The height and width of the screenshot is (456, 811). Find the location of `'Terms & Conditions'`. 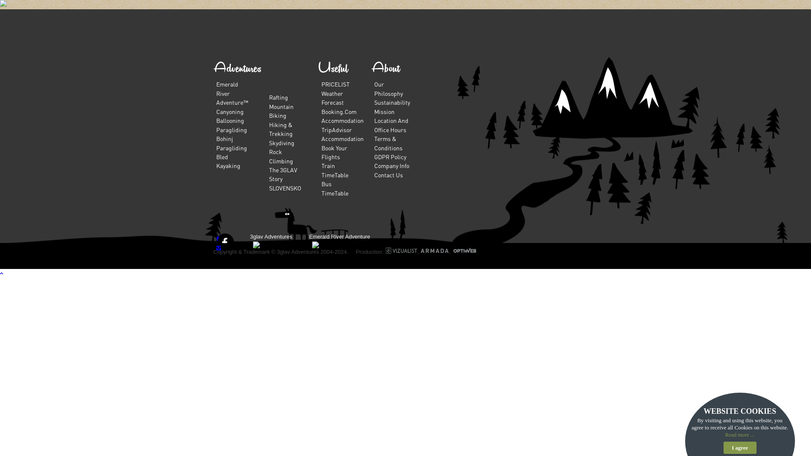

'Terms & Conditions' is located at coordinates (388, 142).